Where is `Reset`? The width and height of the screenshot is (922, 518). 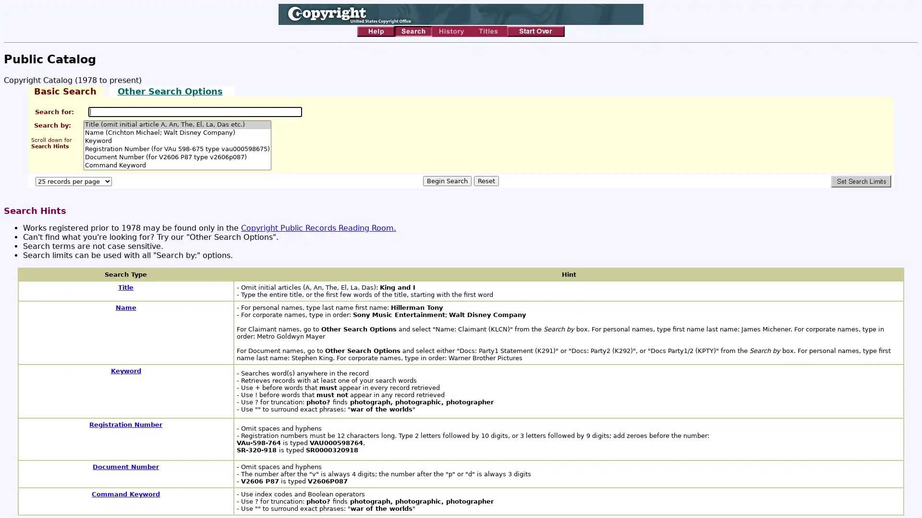 Reset is located at coordinates (486, 181).